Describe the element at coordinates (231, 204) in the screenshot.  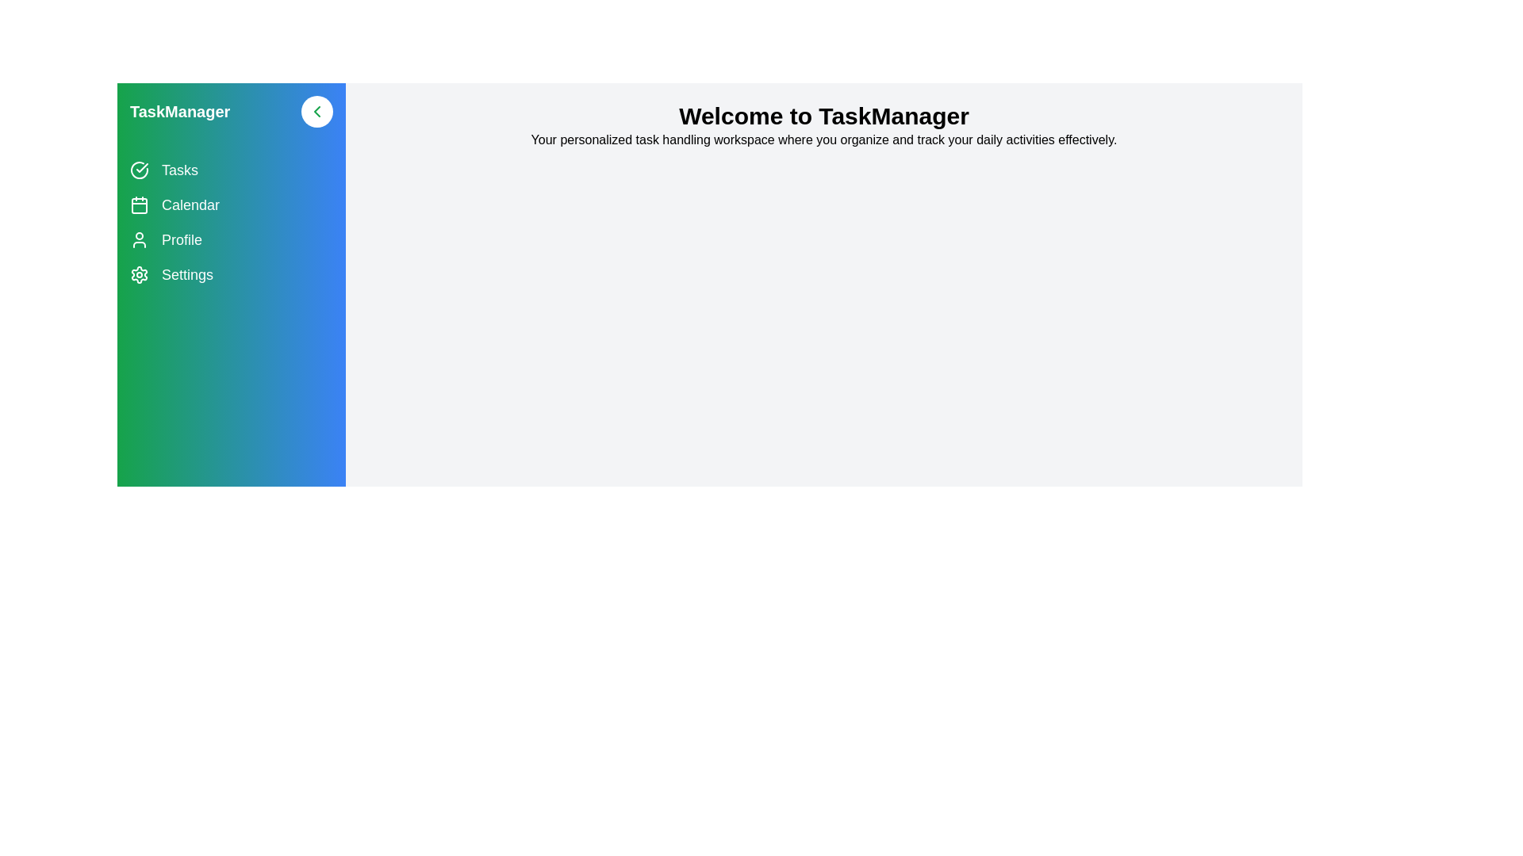
I see `the navigation item Calendar to navigate to the corresponding section` at that location.